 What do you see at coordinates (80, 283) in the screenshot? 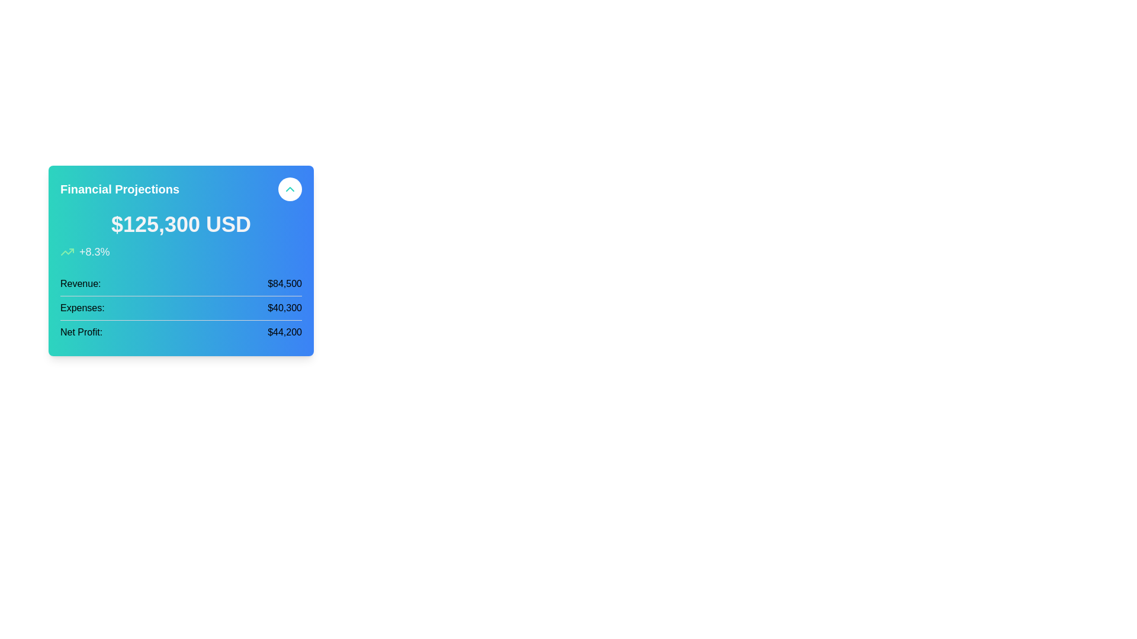
I see `the text label displaying 'Revenue:' in the financial projection card, which has black text on a gradient background of teal to blue` at bounding box center [80, 283].